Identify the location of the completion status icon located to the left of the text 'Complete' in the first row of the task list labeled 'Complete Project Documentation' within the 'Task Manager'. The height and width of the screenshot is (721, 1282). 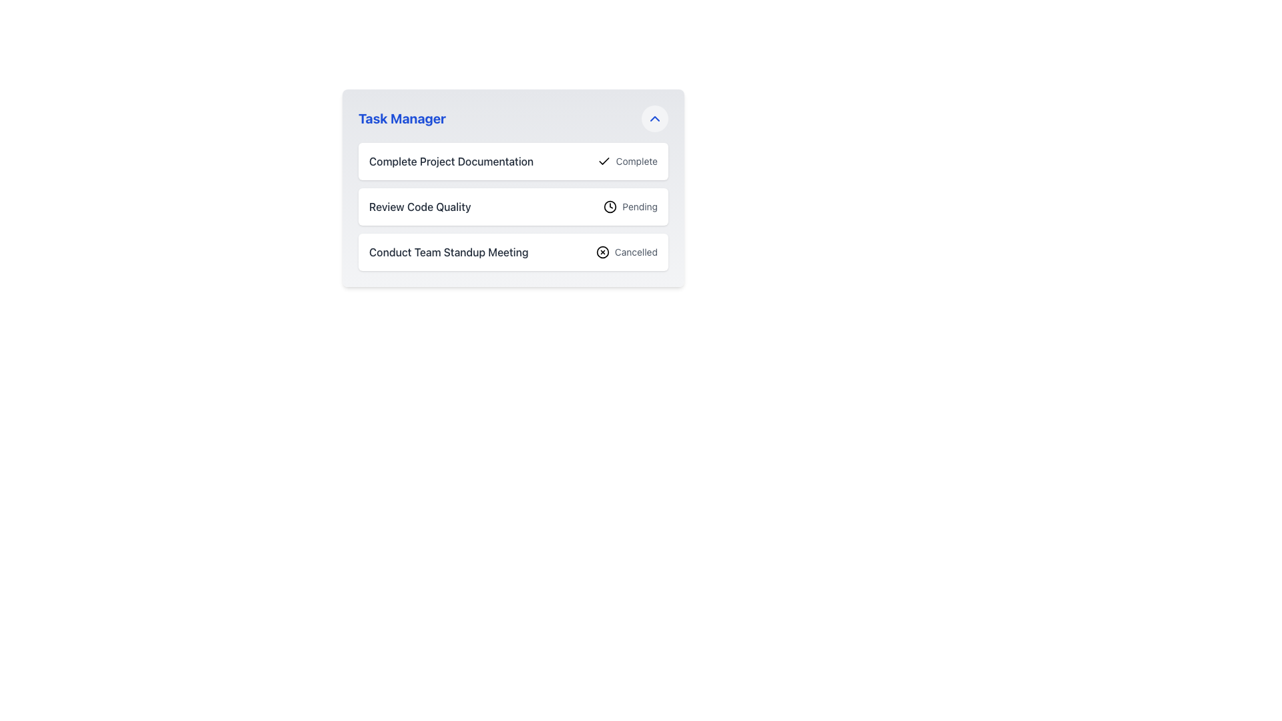
(603, 161).